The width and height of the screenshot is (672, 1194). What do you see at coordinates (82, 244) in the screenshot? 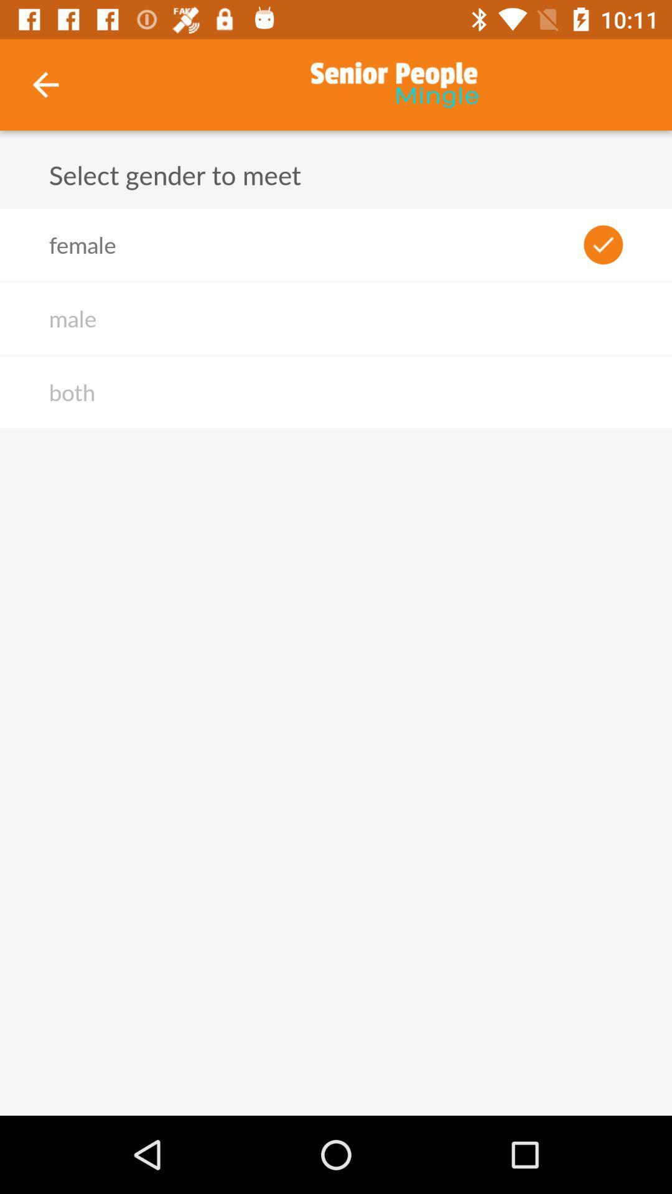
I see `the item above the male` at bounding box center [82, 244].